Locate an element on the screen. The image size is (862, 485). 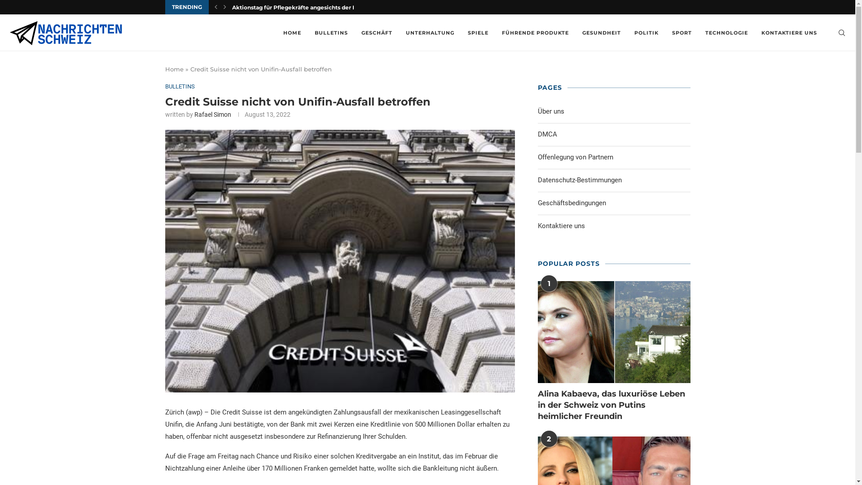
'POLITIK' is located at coordinates (646, 32).